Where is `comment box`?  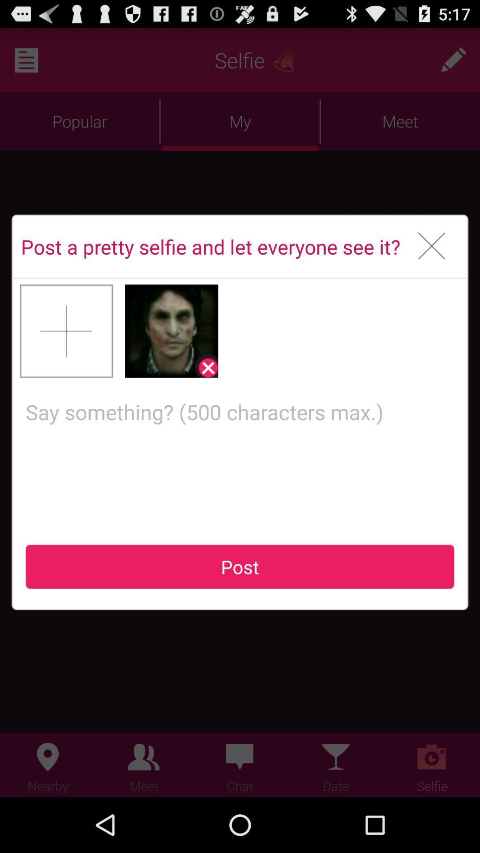
comment box is located at coordinates (240, 454).